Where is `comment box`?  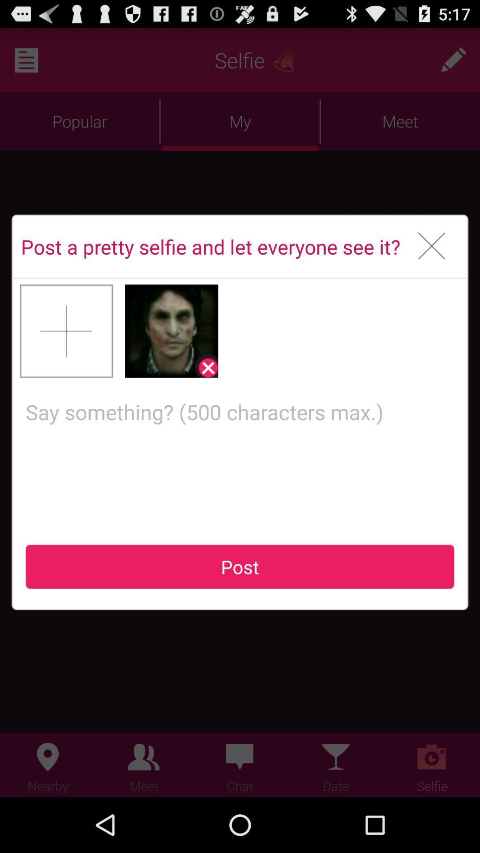
comment box is located at coordinates (240, 454).